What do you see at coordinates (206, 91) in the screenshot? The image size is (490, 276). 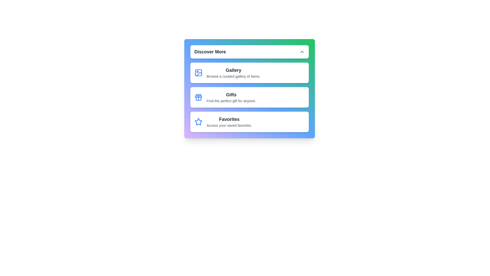 I see `the text content of the menu item Gifts` at bounding box center [206, 91].